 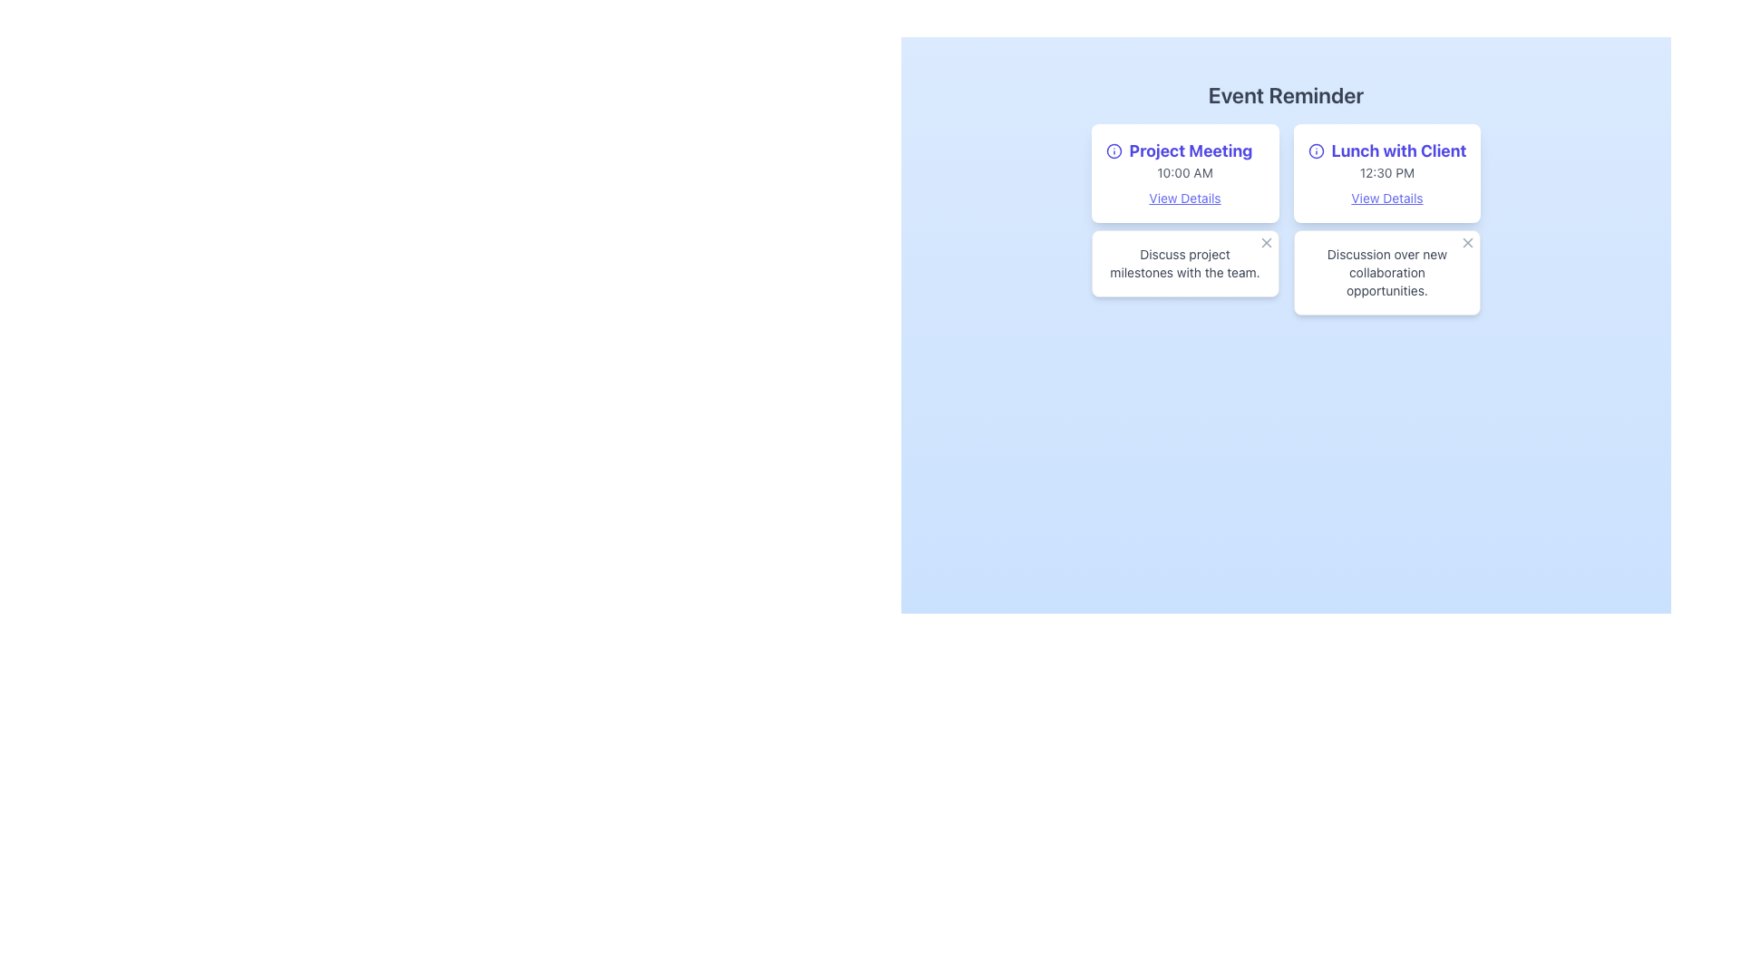 I want to click on the circular icon with a bold outline located to the left of the text 'Project Meeting' in the top-left corner of the meeting card, so click(x=1113, y=150).